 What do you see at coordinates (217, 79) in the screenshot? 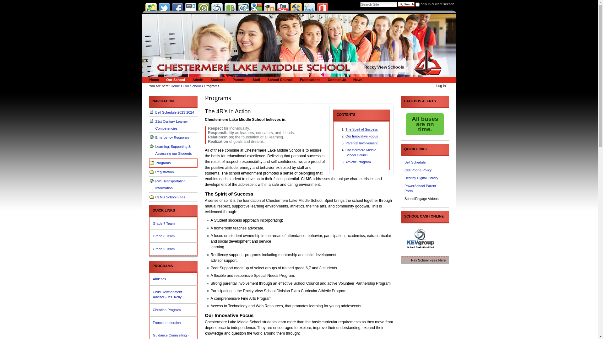
I see `'Students'` at bounding box center [217, 79].